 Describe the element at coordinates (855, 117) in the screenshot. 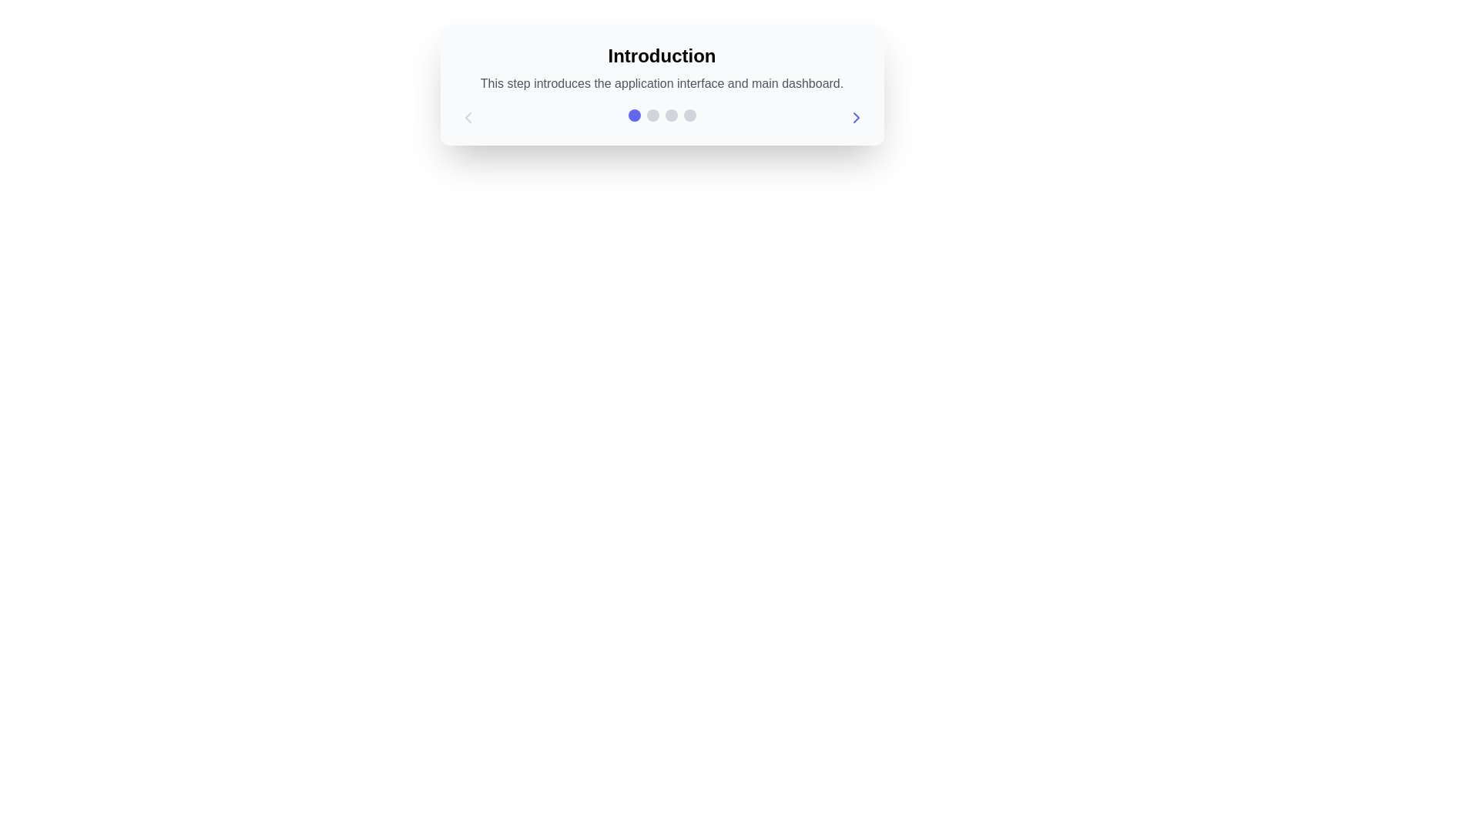

I see `the right-pointing chevron icon located at the right end of the interface within the navigation step indicator` at that location.